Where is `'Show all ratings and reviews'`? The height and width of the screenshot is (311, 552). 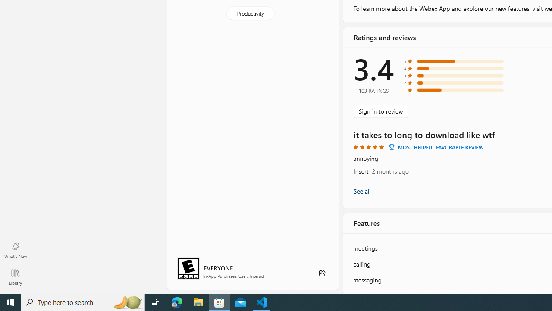
'Show all ratings and reviews' is located at coordinates (362, 190).